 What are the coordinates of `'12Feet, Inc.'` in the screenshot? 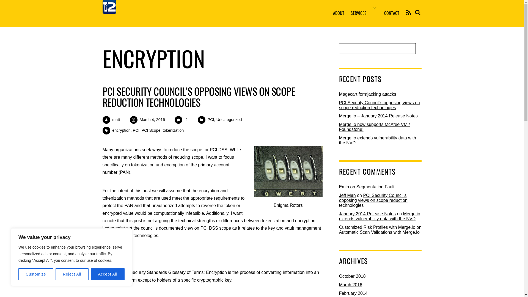 It's located at (102, 9).